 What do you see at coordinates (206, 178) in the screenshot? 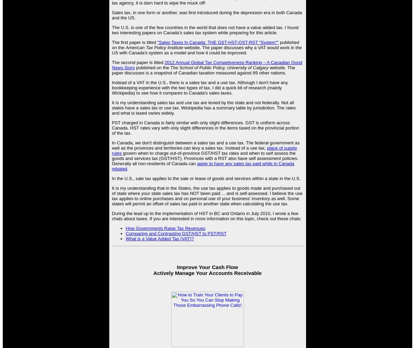
I see `'In the U.S., sale tax applies to the sale or lease of goods and services within a state in the U.S.'` at bounding box center [206, 178].